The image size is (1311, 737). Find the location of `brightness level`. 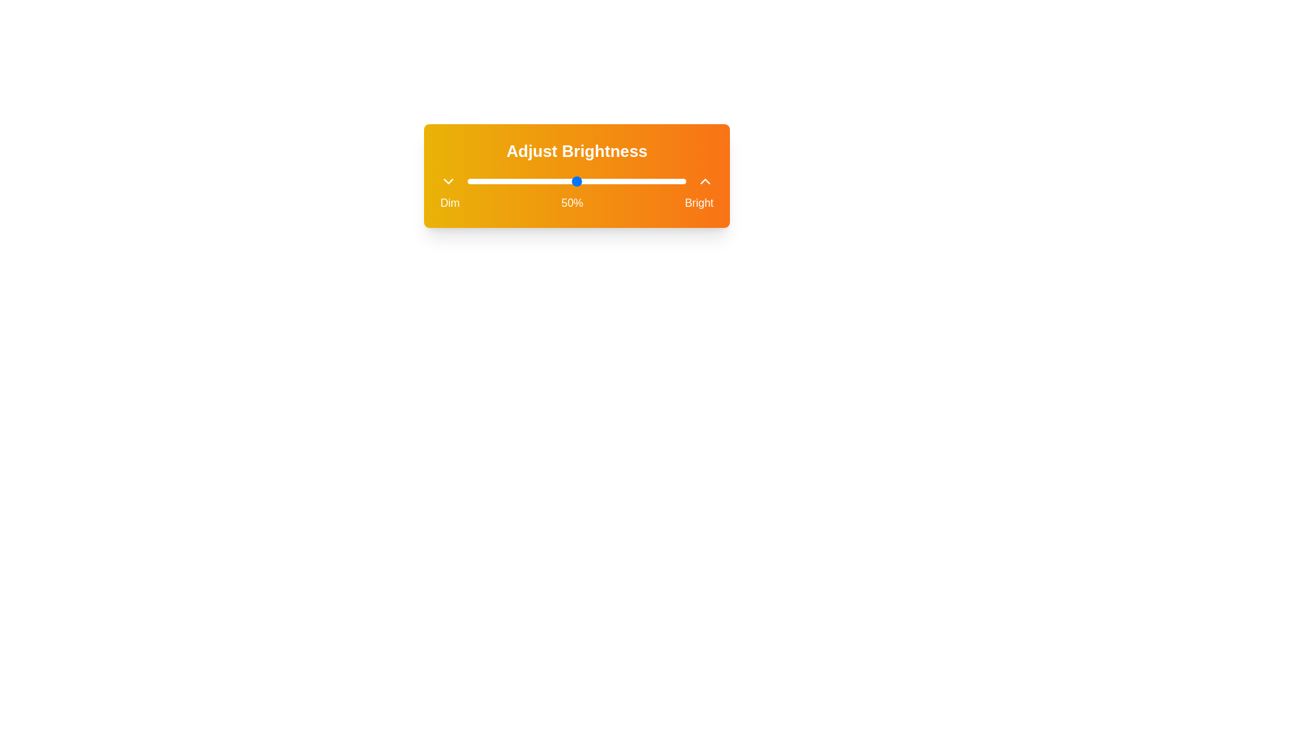

brightness level is located at coordinates (592, 181).